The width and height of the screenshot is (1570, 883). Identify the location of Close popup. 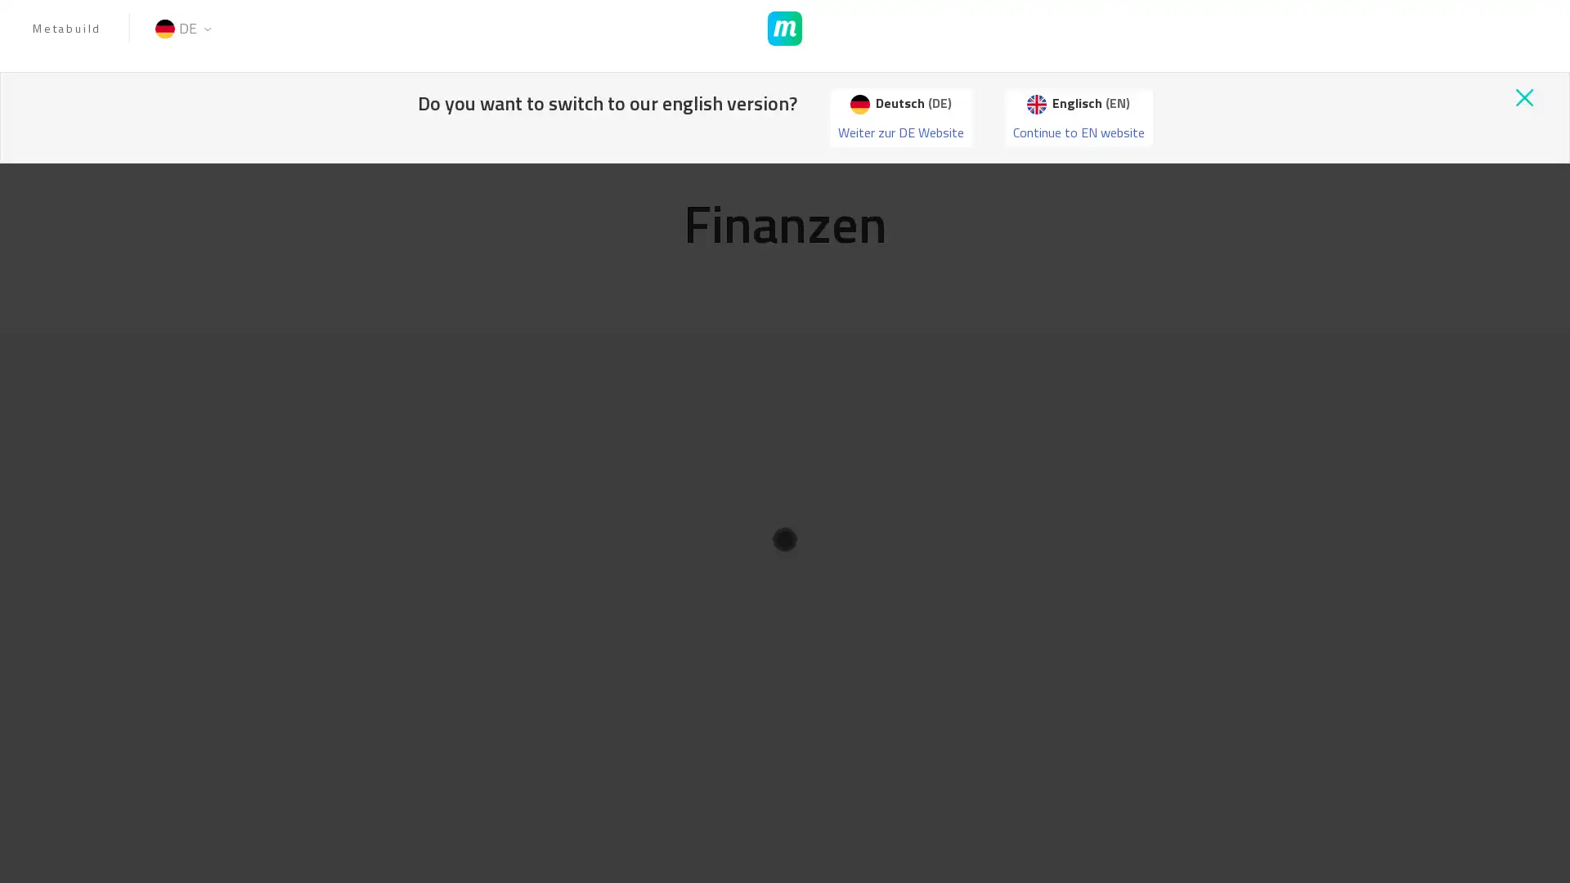
(1523, 97).